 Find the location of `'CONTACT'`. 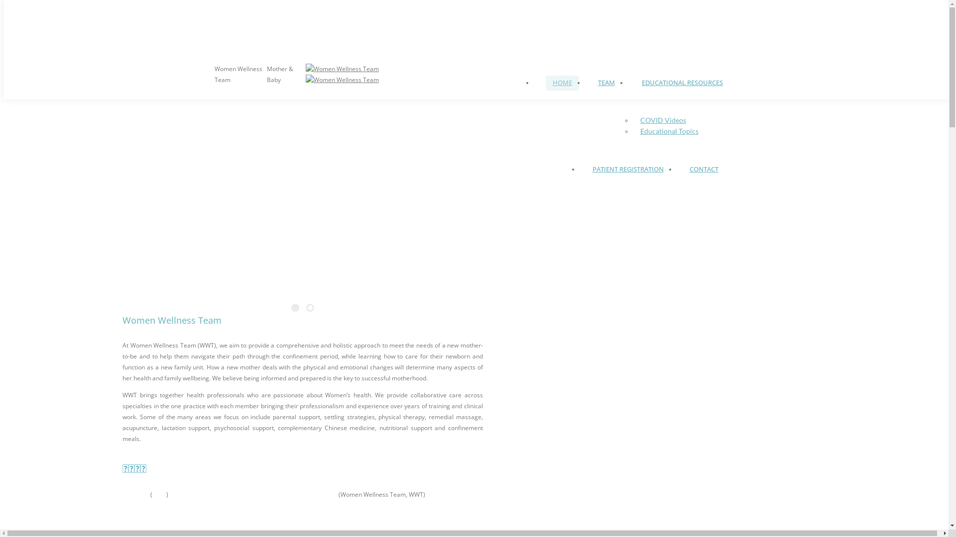

'CONTACT' is located at coordinates (703, 169).